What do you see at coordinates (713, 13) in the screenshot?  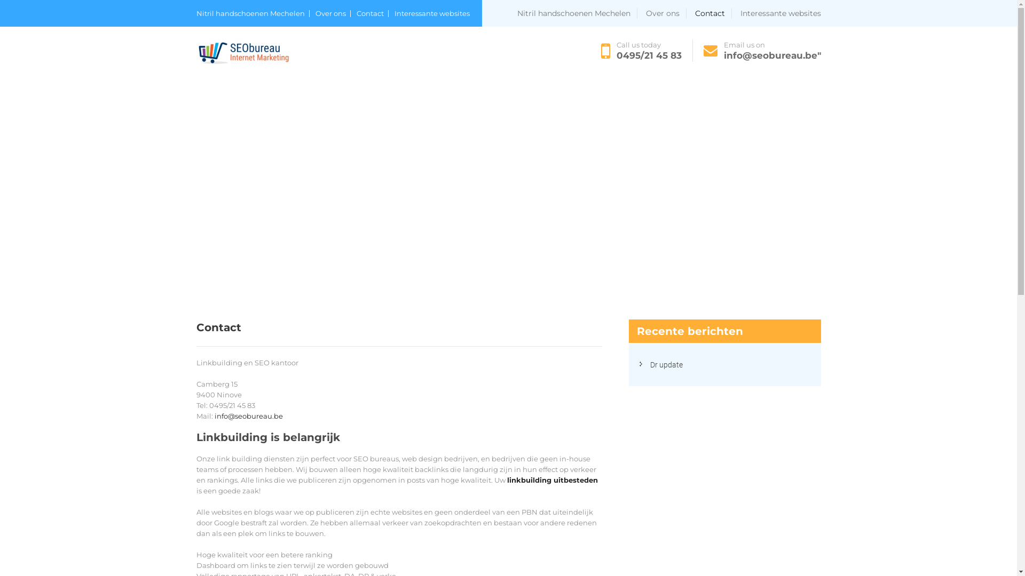 I see `'Contact'` at bounding box center [713, 13].